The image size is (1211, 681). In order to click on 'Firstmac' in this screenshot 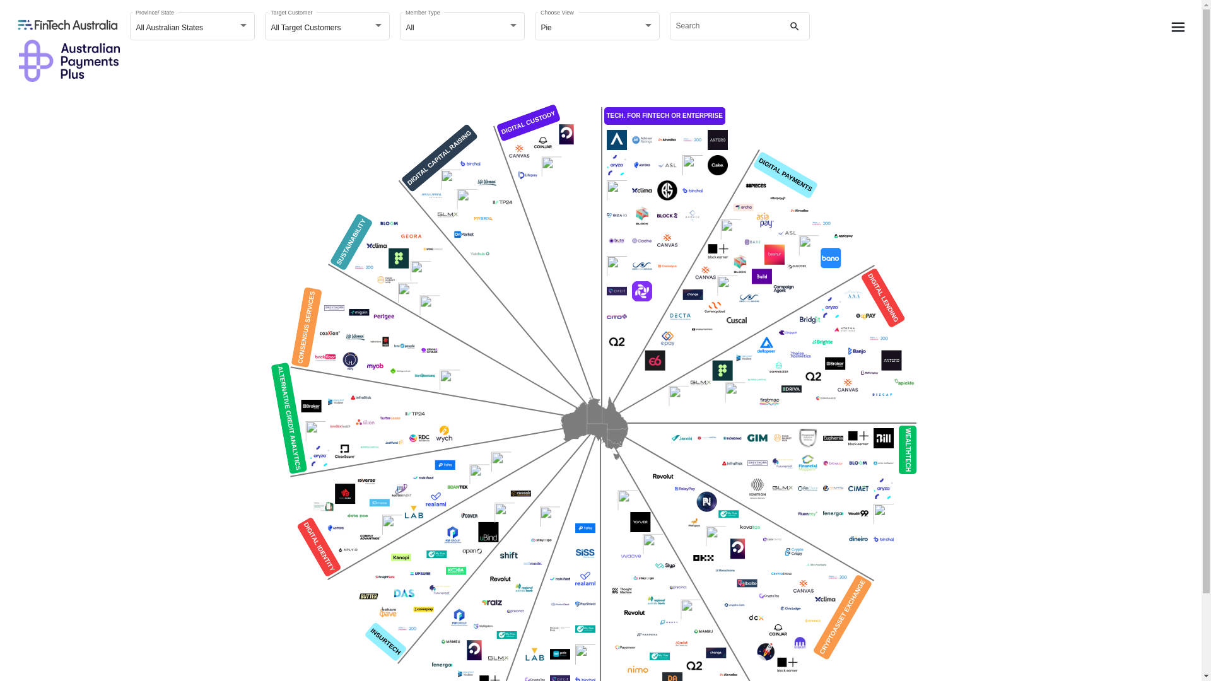, I will do `click(768, 401)`.